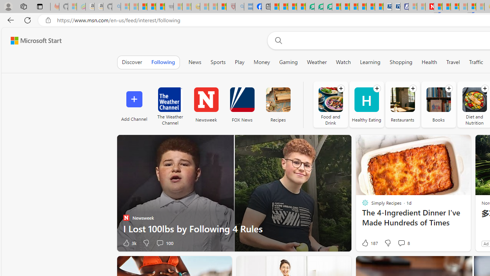  Describe the element at coordinates (429, 62) in the screenshot. I see `'Health'` at that location.